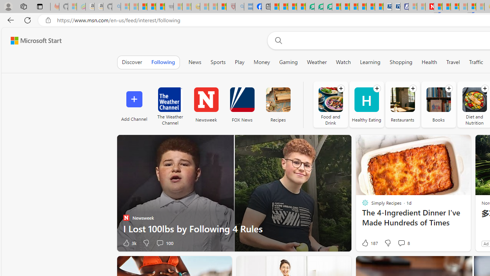  Describe the element at coordinates (429, 62) in the screenshot. I see `'Health'` at that location.